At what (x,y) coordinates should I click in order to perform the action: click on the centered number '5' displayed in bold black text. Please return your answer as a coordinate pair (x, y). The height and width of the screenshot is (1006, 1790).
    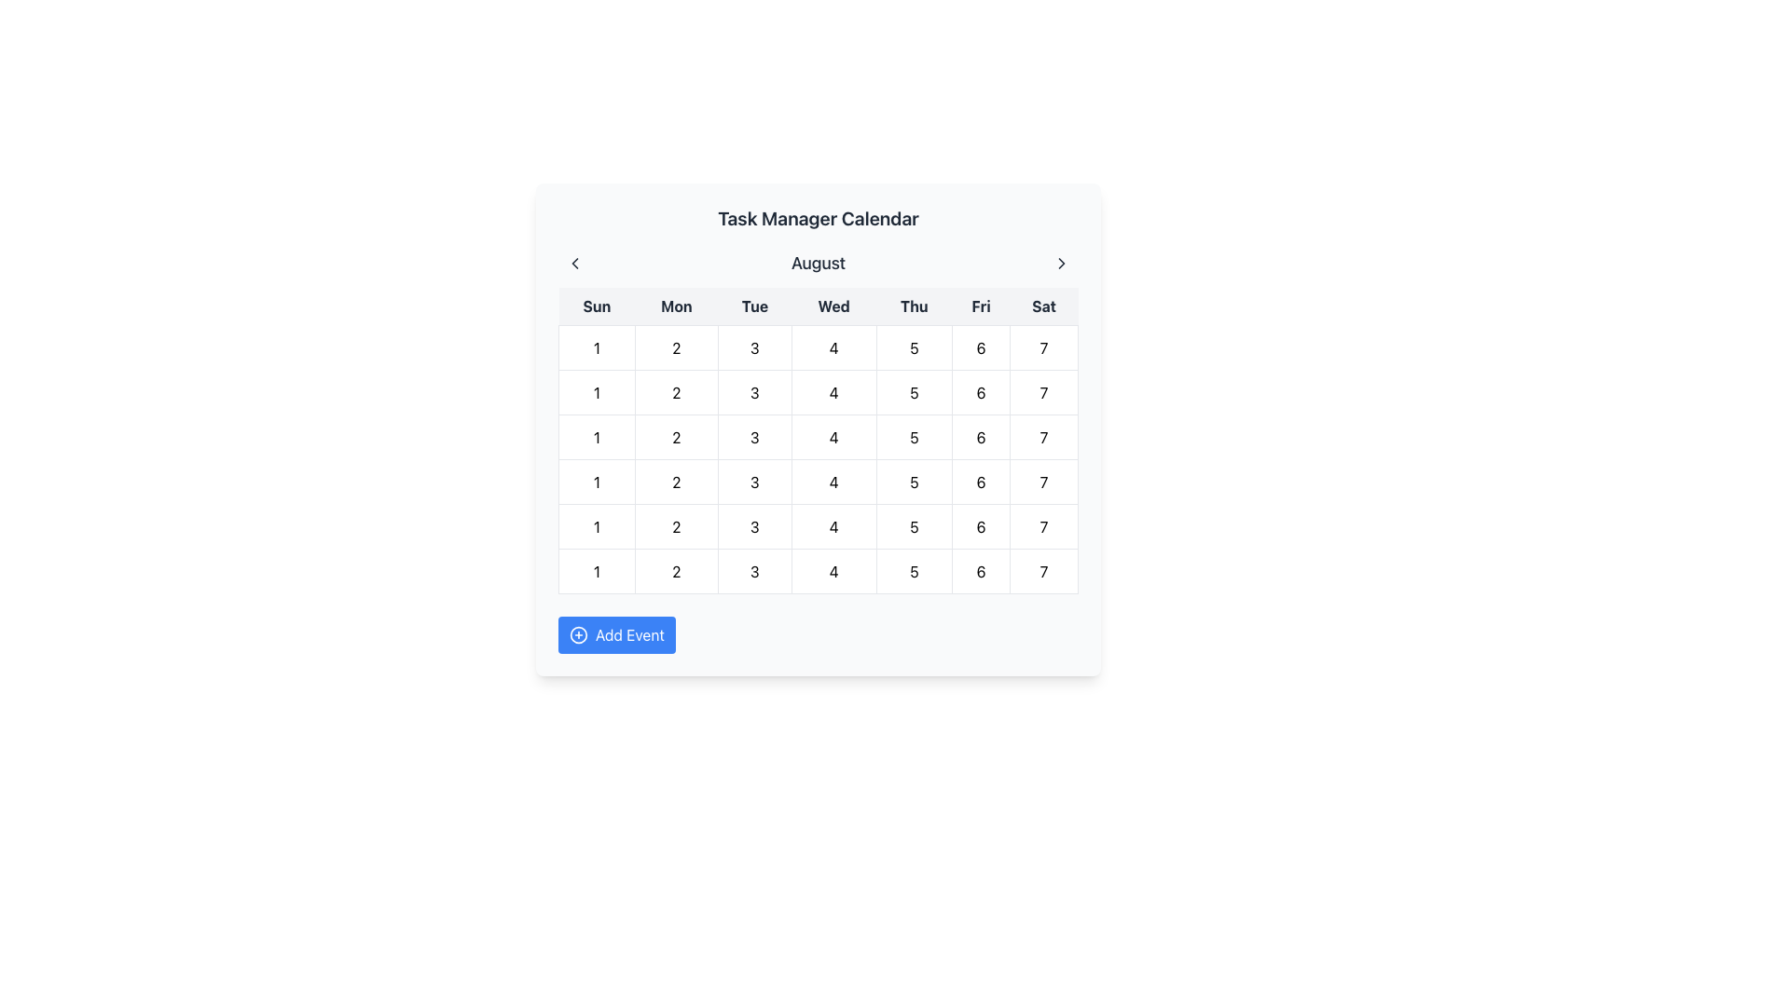
    Looking at the image, I should click on (914, 347).